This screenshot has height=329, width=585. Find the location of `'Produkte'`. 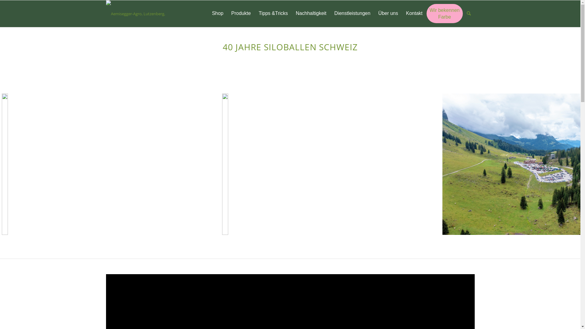

'Produkte' is located at coordinates (241, 14).